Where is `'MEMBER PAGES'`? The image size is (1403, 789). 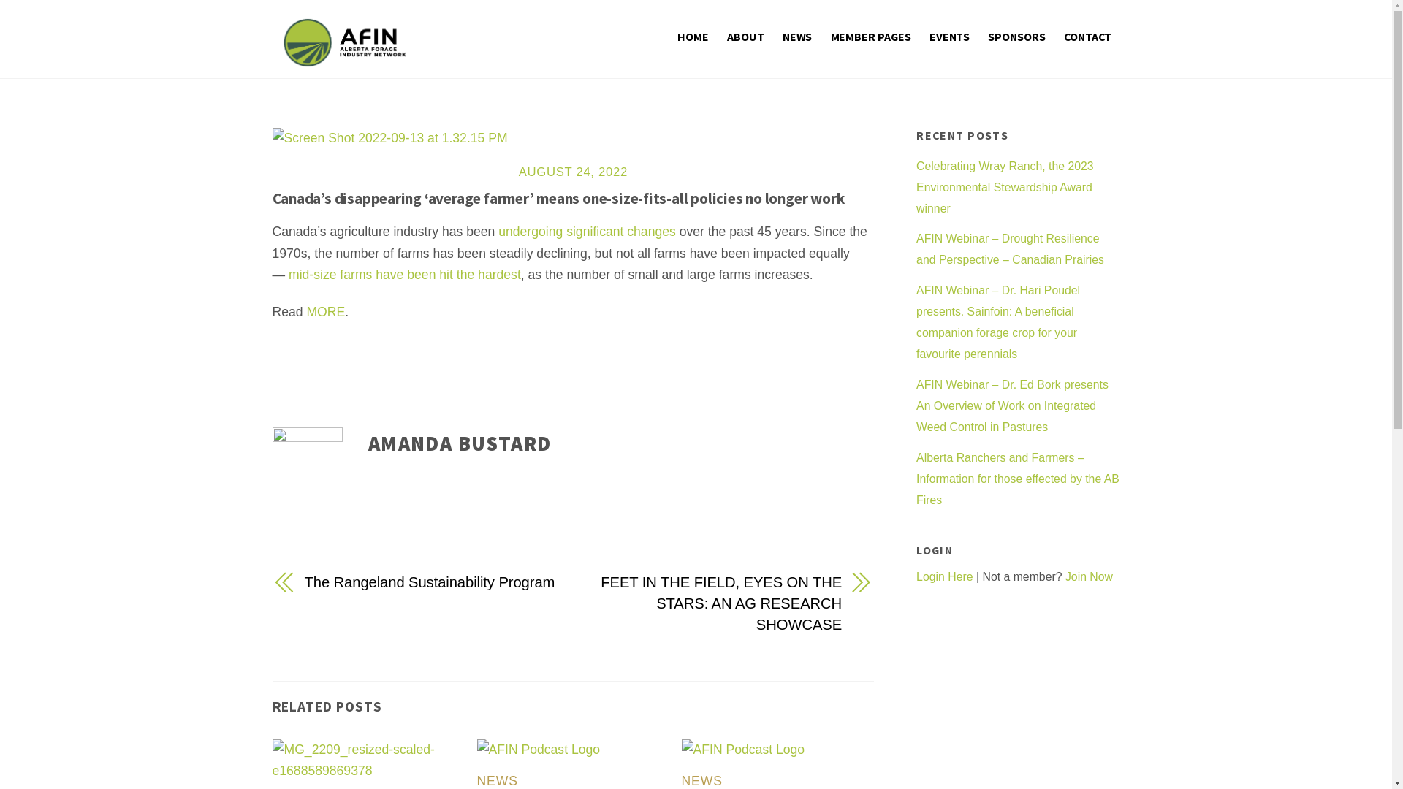 'MEMBER PAGES' is located at coordinates (824, 35).